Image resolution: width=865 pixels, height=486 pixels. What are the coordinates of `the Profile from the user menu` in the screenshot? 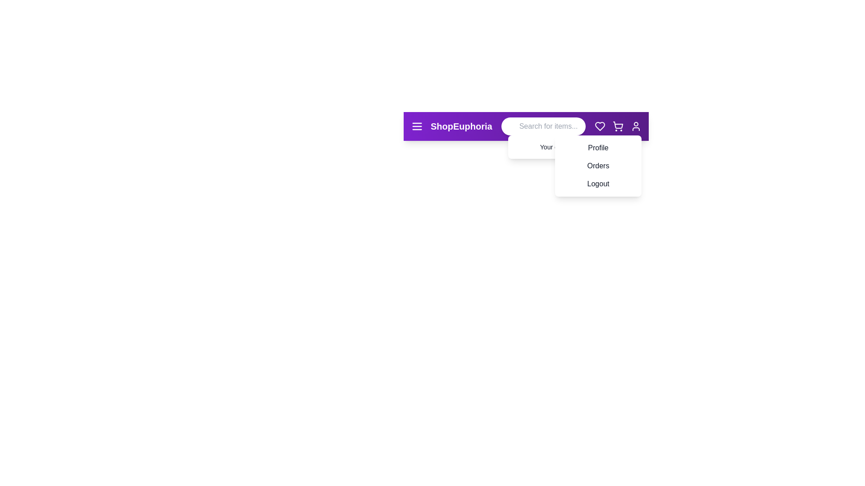 It's located at (575, 143).